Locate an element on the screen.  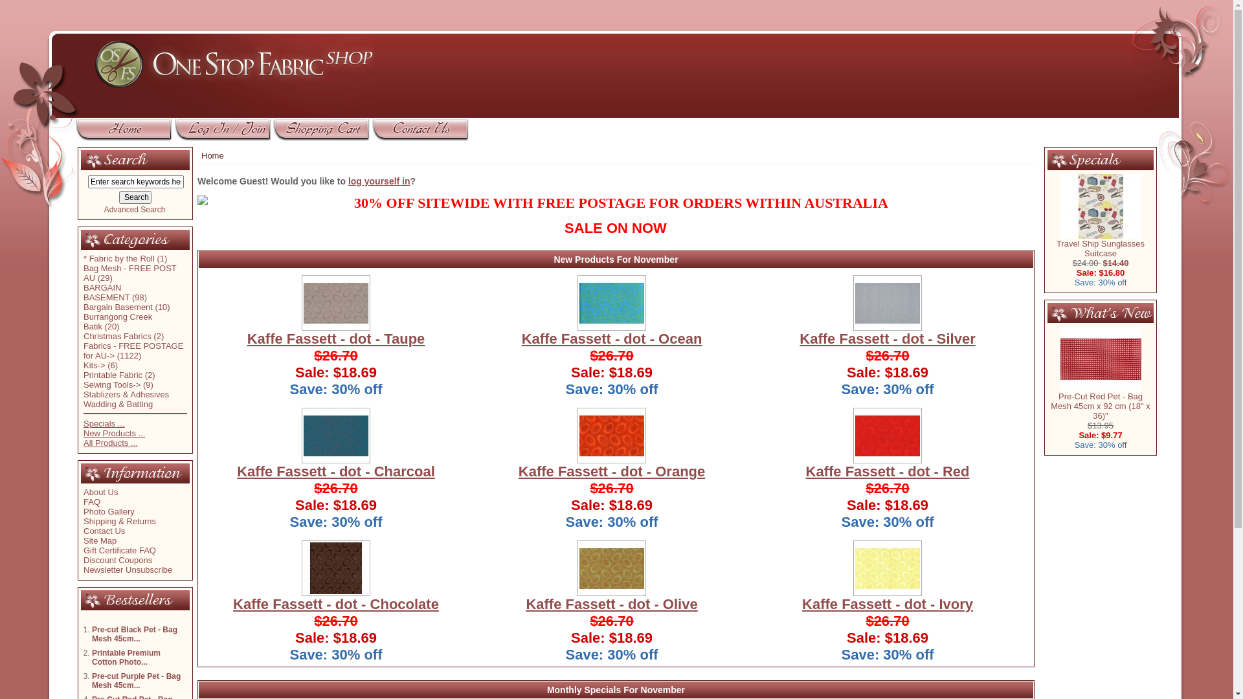
'Kaffe Fassett - dot - Olive' is located at coordinates (610, 604).